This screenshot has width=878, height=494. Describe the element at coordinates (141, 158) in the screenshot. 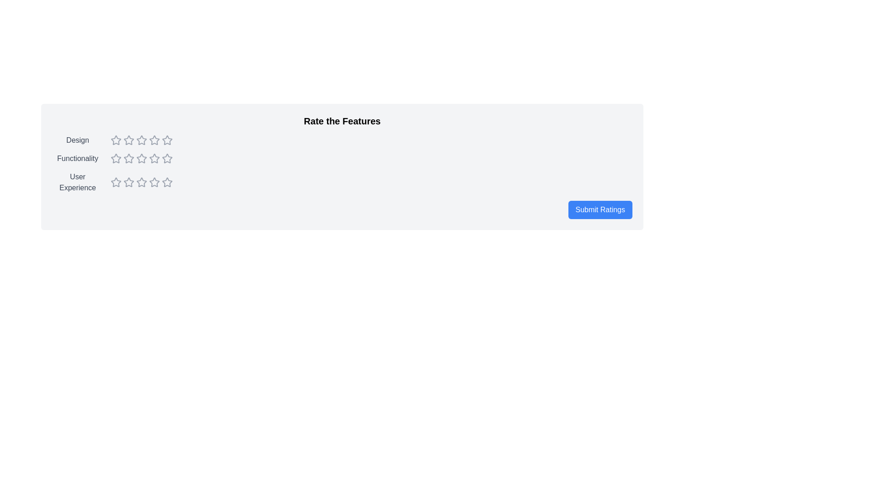

I see `the fourth star-shaped Rating Icon in the row labeled 'Functionality' in the rating section` at that location.